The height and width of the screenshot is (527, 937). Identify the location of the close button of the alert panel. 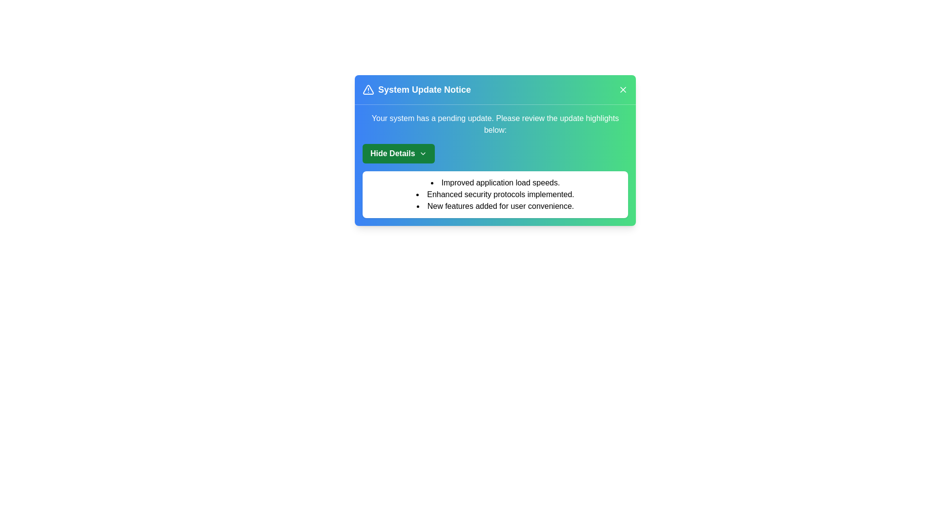
(622, 90).